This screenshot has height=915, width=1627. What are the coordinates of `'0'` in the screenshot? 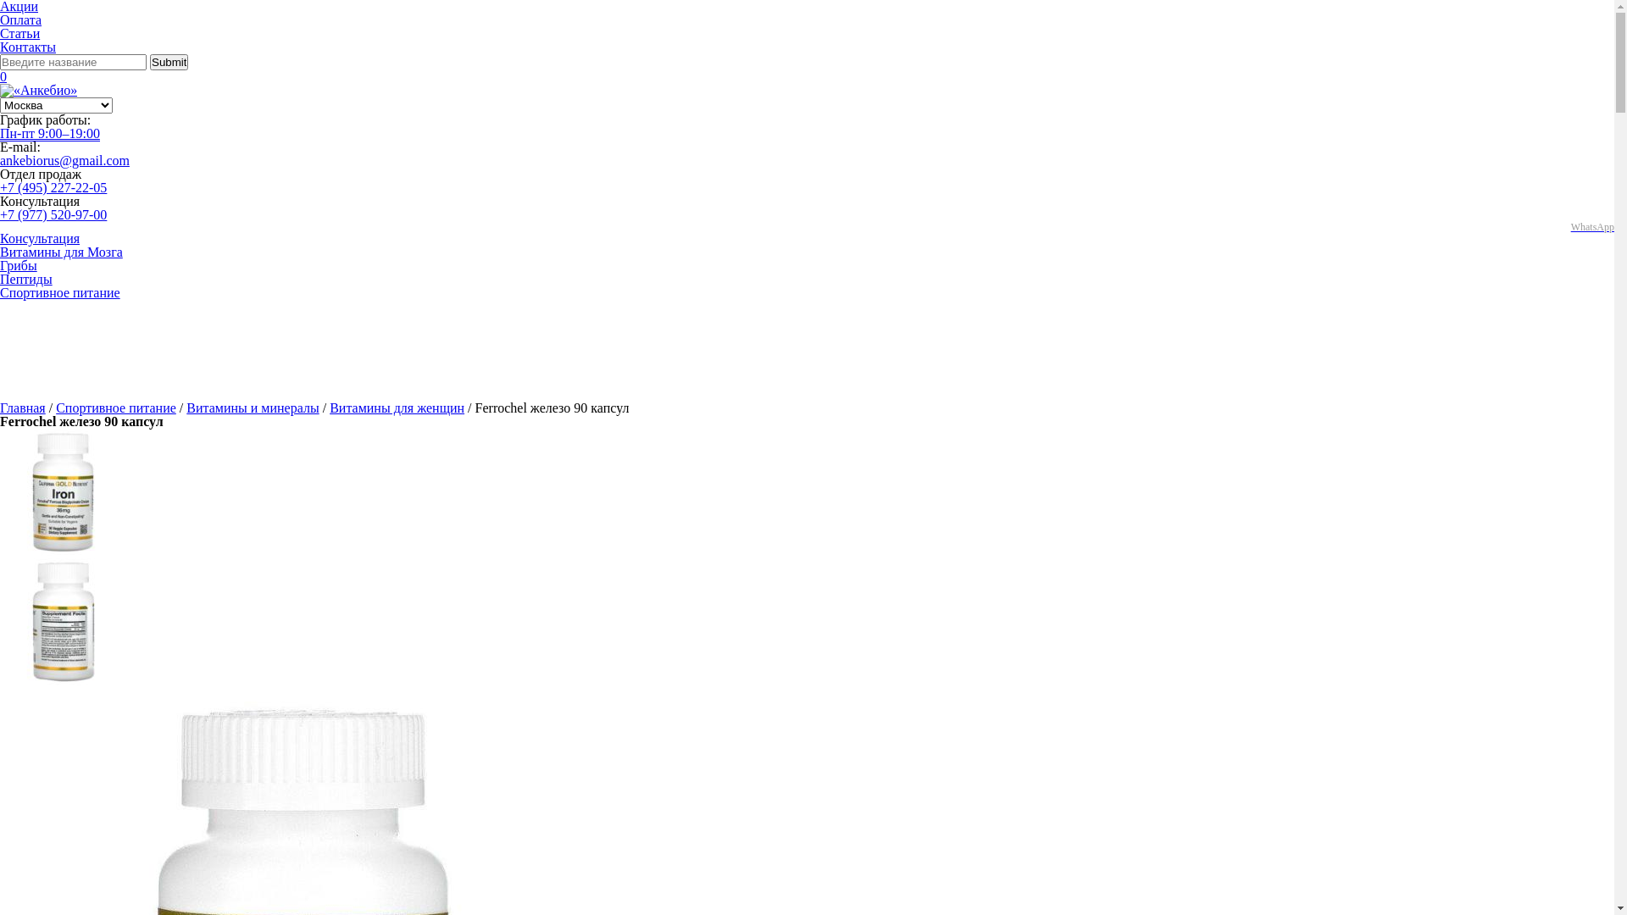 It's located at (3, 76).